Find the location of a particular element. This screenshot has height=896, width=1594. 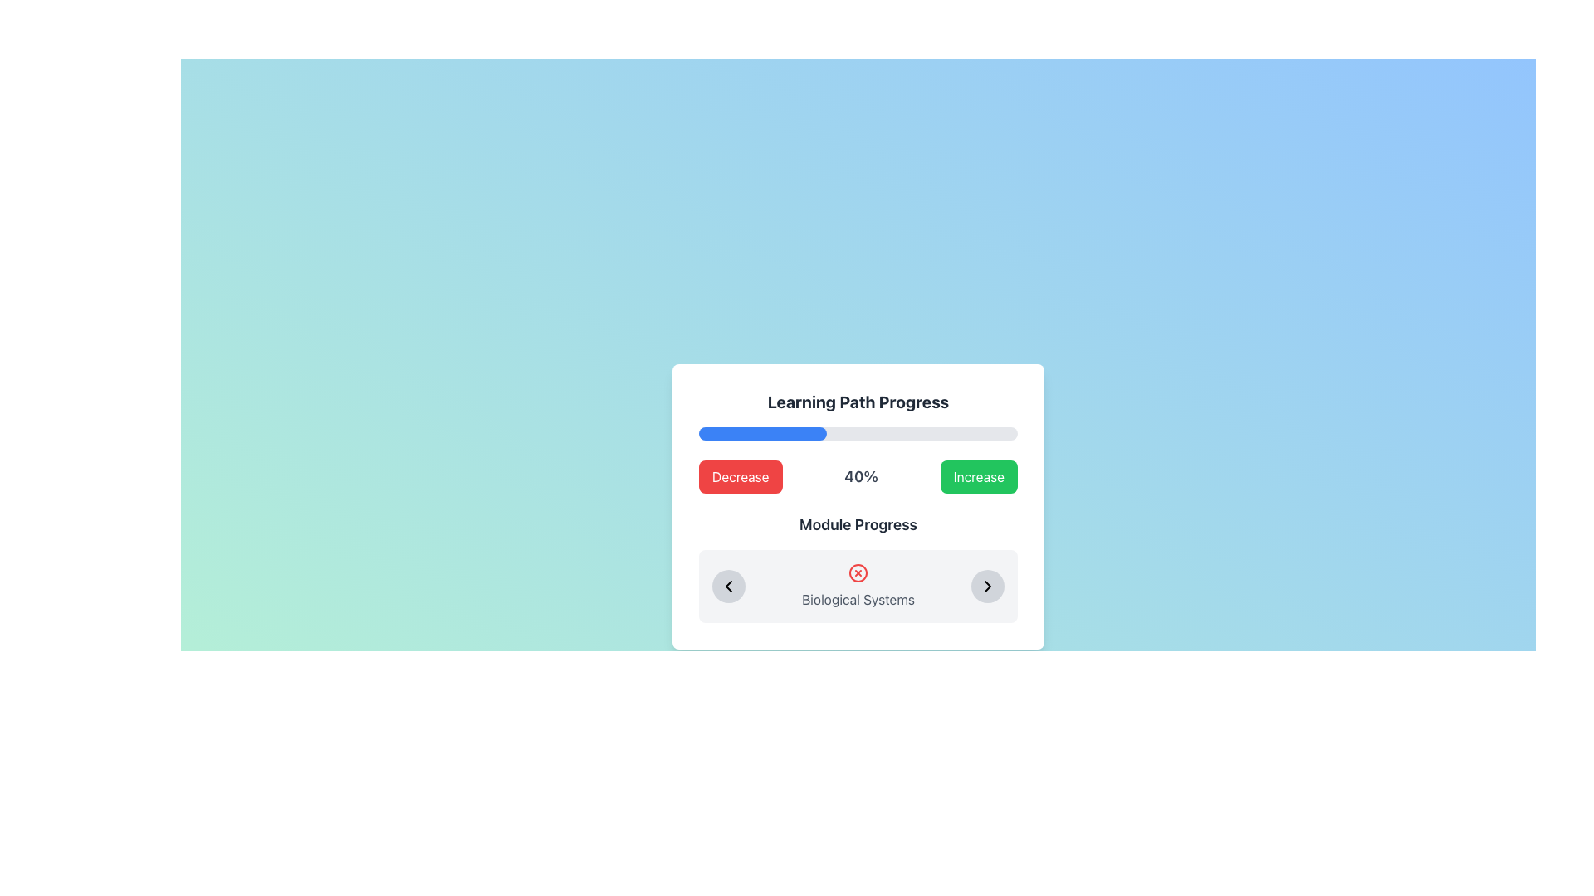

progress is located at coordinates (898, 433).